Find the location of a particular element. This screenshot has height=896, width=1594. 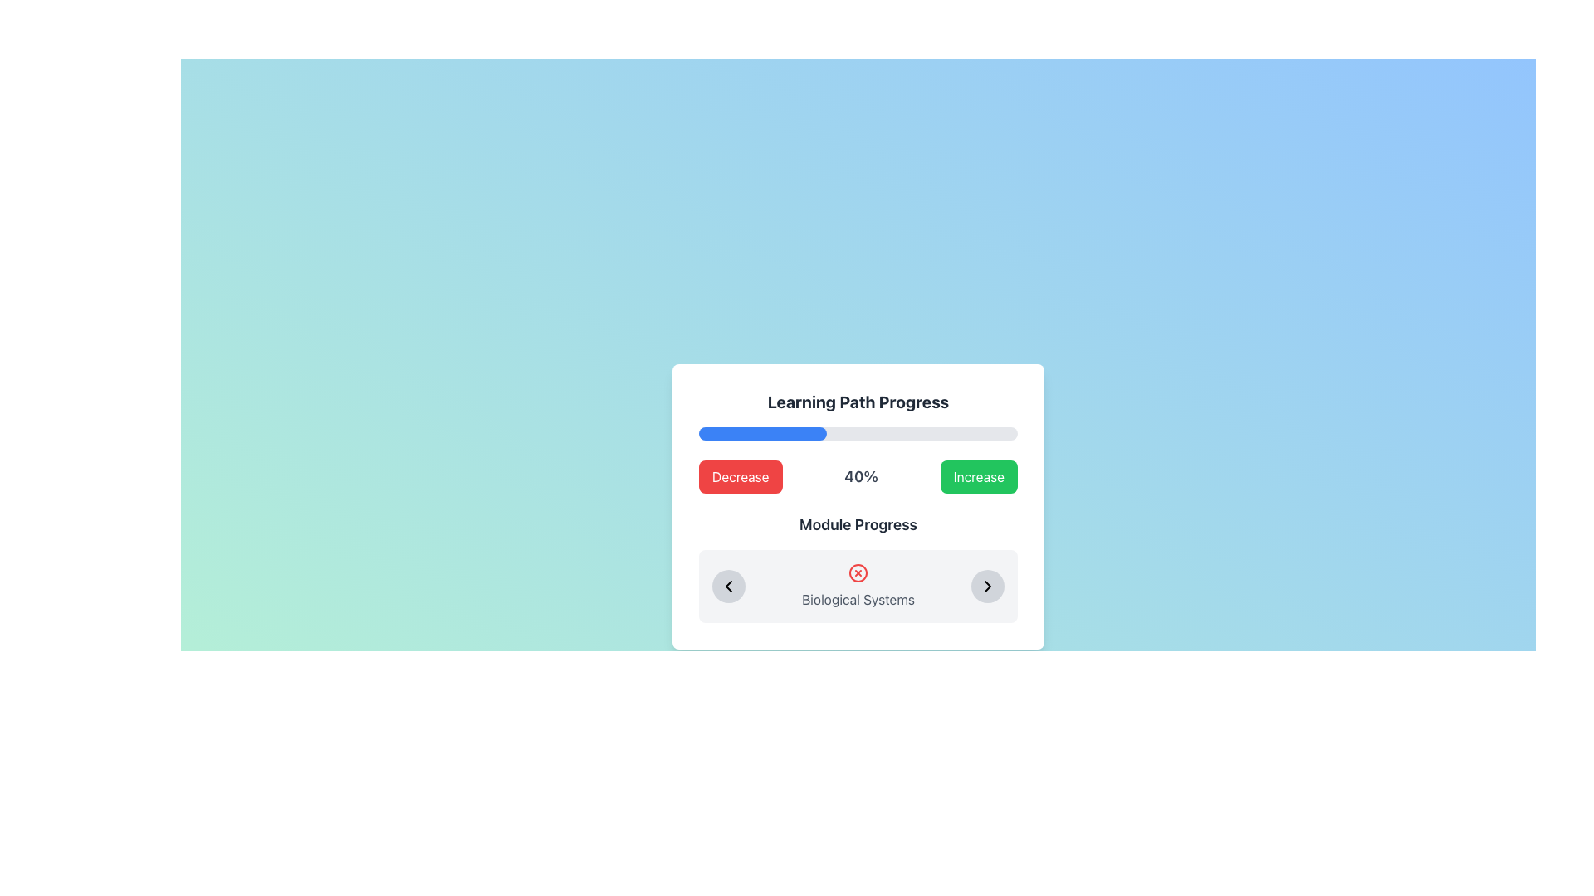

progress is located at coordinates (898, 433).